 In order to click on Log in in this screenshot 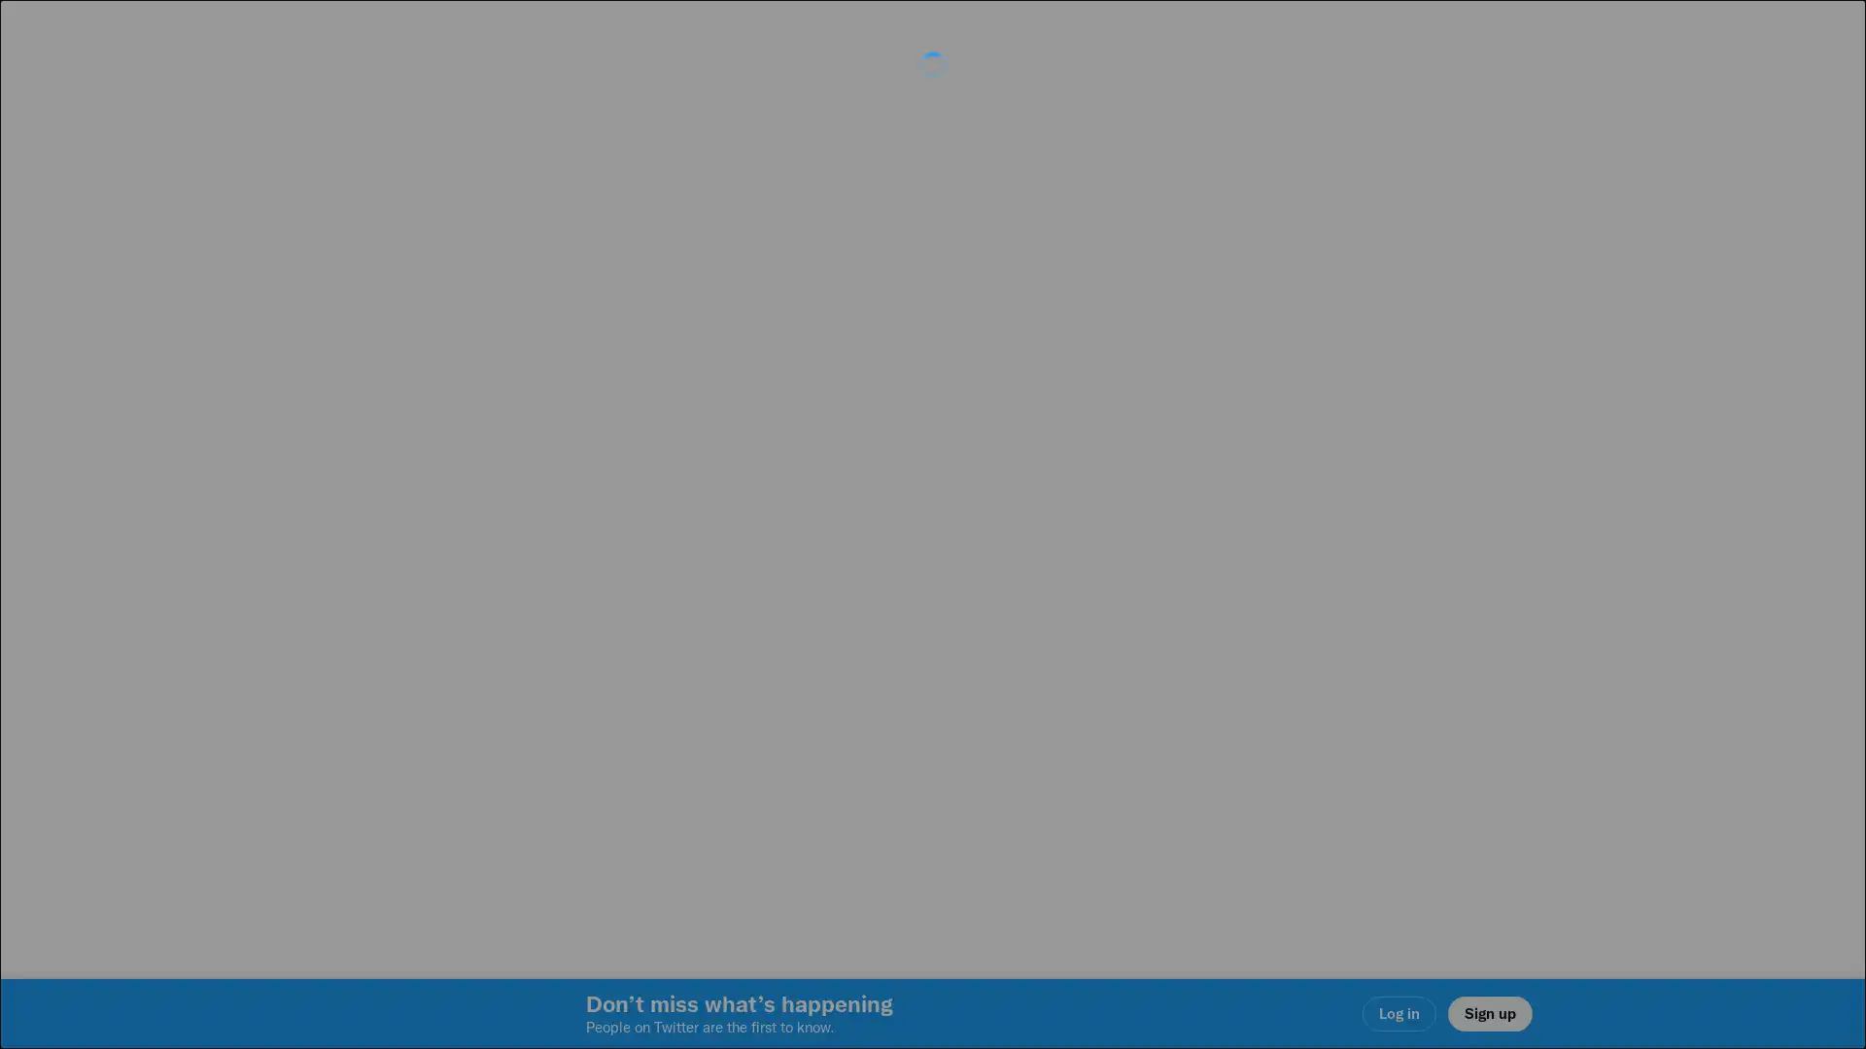, I will do `click(1166, 661)`.